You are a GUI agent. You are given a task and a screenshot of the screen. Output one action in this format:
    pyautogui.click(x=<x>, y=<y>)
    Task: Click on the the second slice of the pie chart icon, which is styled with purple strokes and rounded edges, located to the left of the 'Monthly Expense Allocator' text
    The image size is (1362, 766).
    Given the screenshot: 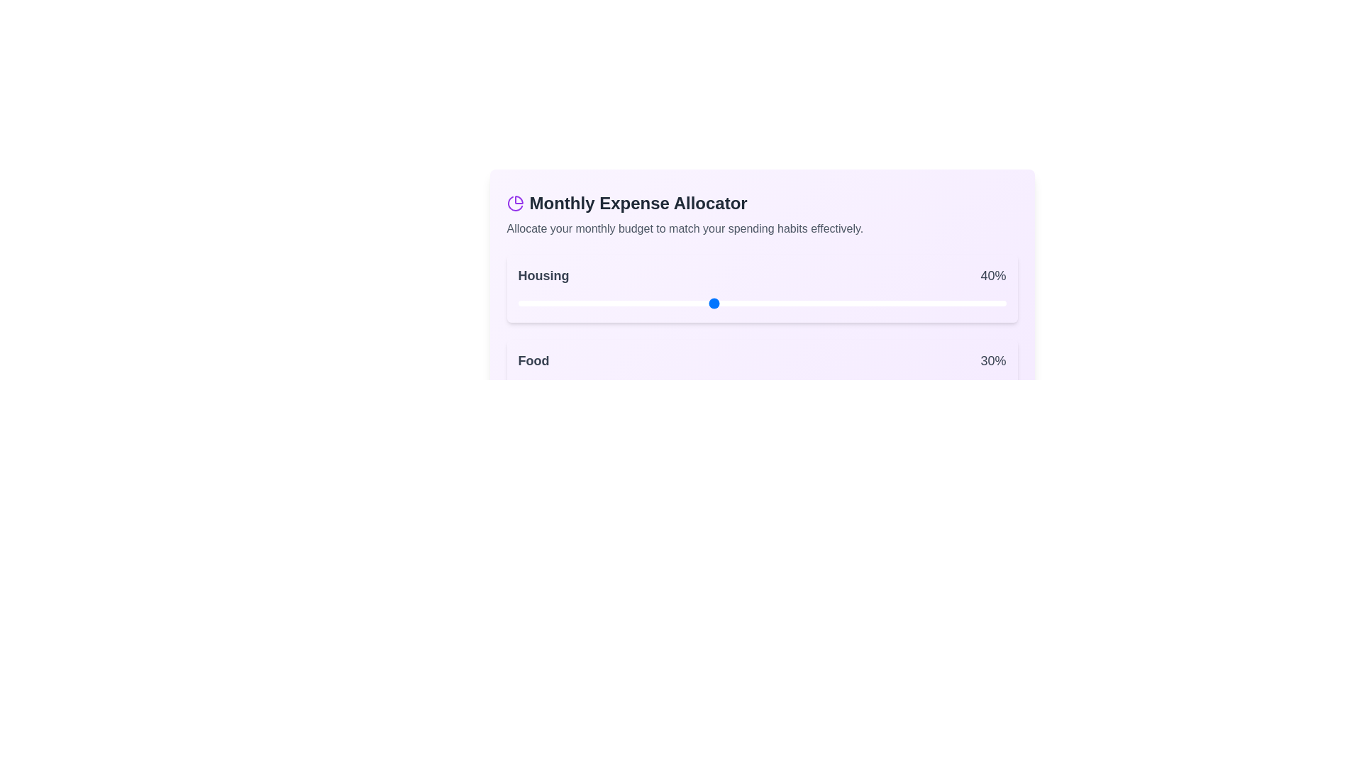 What is the action you would take?
    pyautogui.click(x=514, y=204)
    